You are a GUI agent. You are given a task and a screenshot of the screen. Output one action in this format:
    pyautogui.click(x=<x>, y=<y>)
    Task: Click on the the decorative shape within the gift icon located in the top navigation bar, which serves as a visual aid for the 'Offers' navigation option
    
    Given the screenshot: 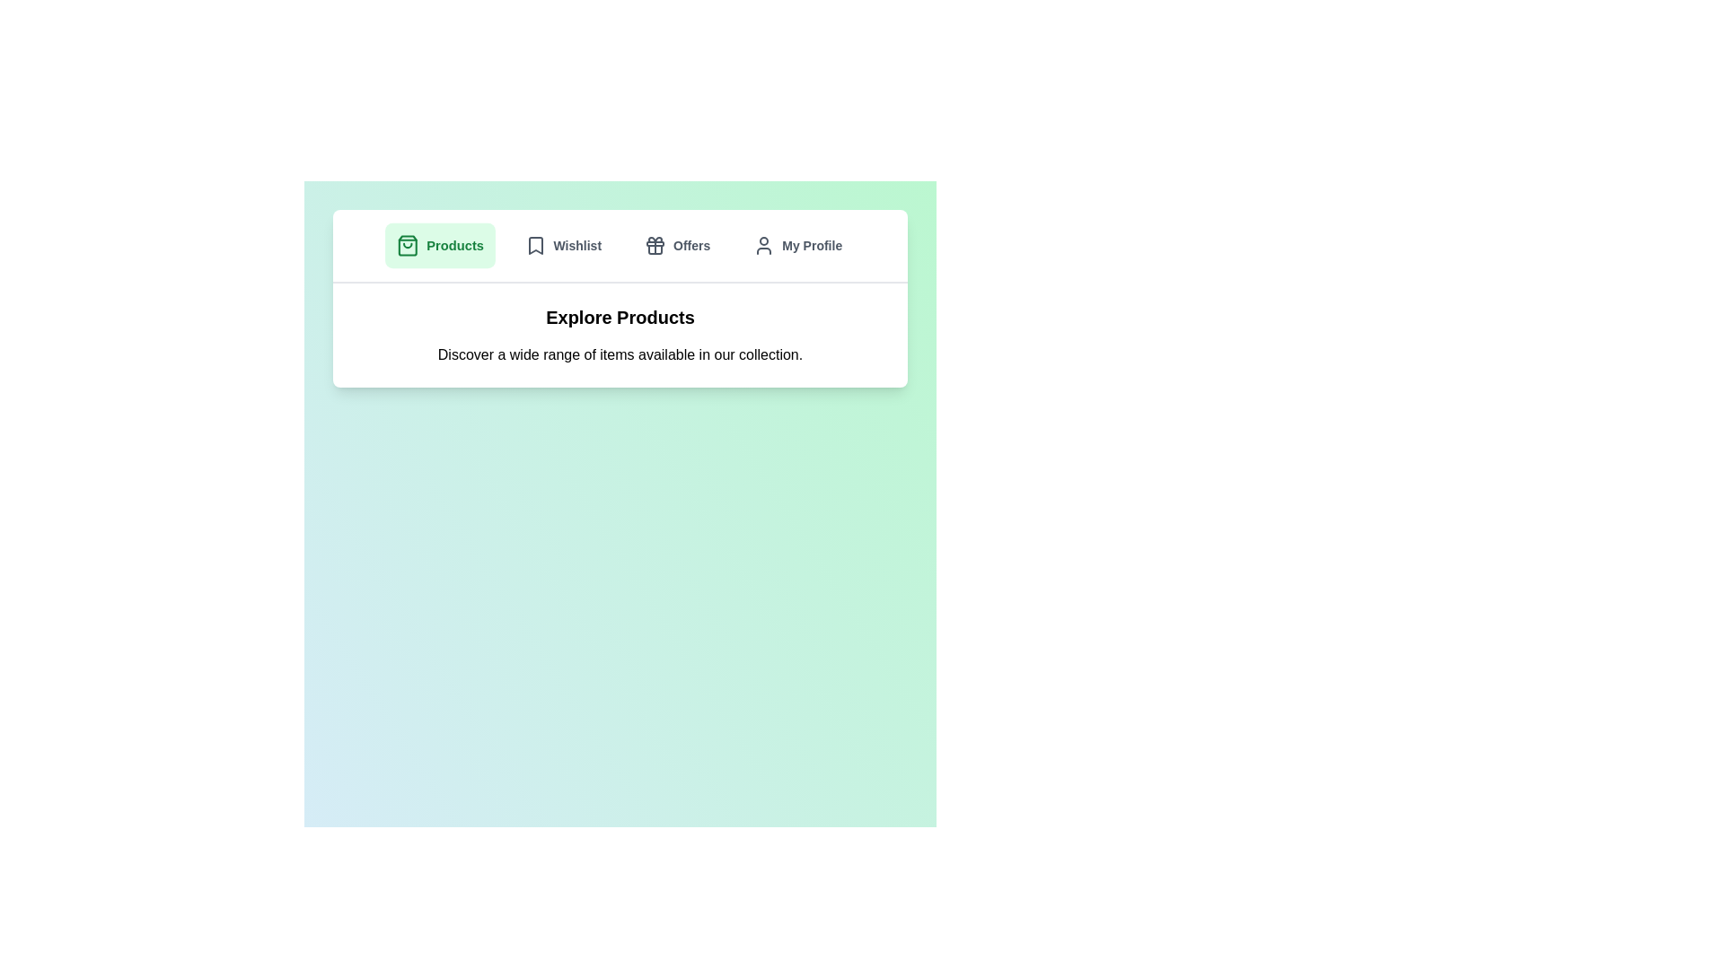 What is the action you would take?
    pyautogui.click(x=654, y=244)
    